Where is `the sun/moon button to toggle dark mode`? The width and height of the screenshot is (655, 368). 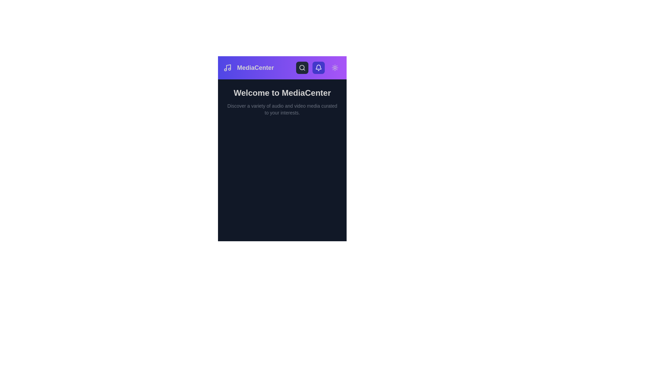
the sun/moon button to toggle dark mode is located at coordinates (335, 68).